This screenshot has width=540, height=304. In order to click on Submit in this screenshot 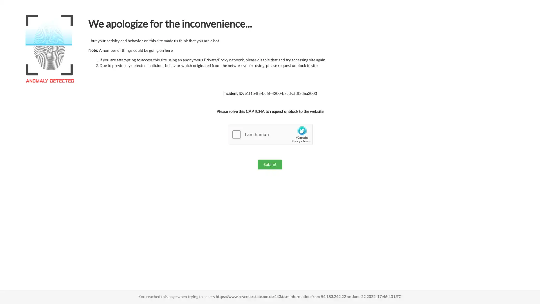, I will do `click(270, 164)`.